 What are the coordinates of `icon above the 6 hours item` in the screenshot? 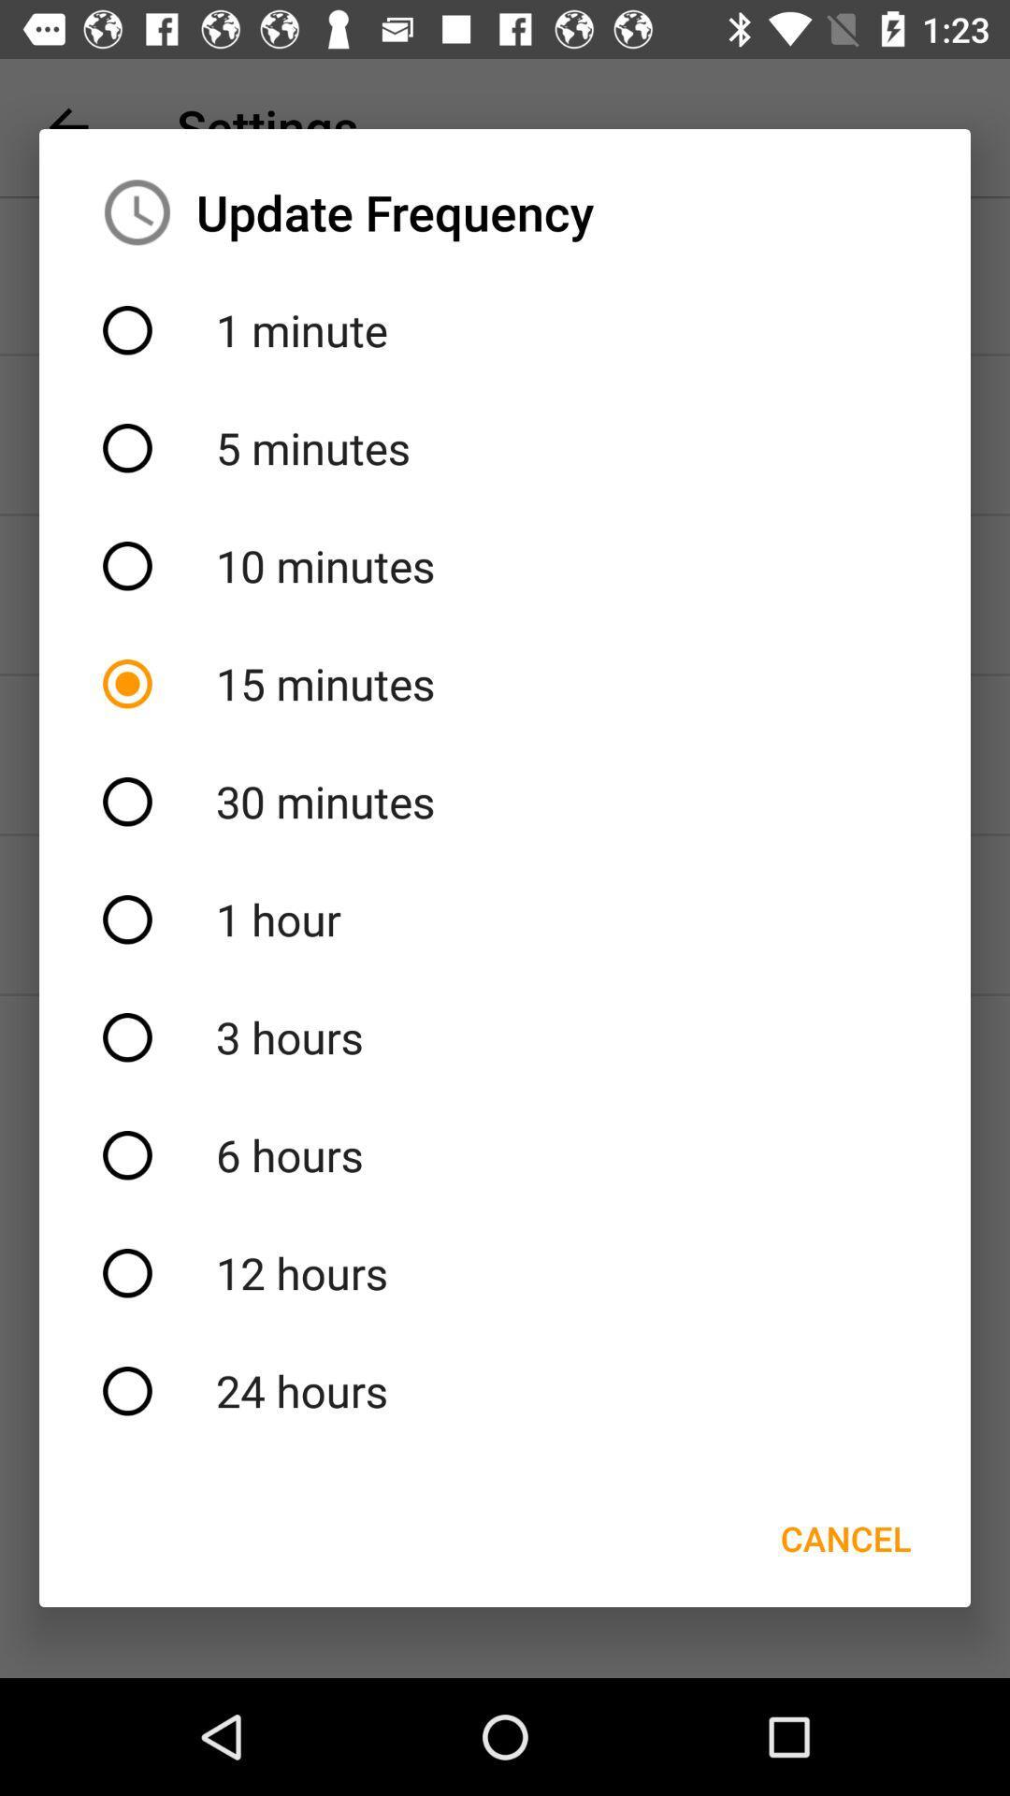 It's located at (505, 1036).